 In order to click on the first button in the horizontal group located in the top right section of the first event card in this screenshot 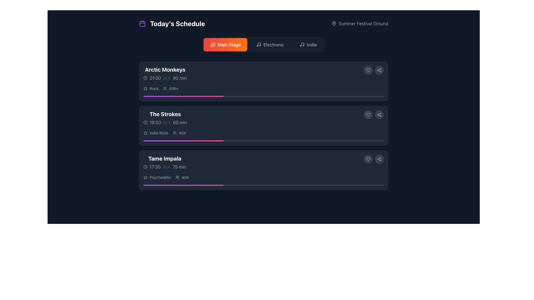, I will do `click(368, 70)`.